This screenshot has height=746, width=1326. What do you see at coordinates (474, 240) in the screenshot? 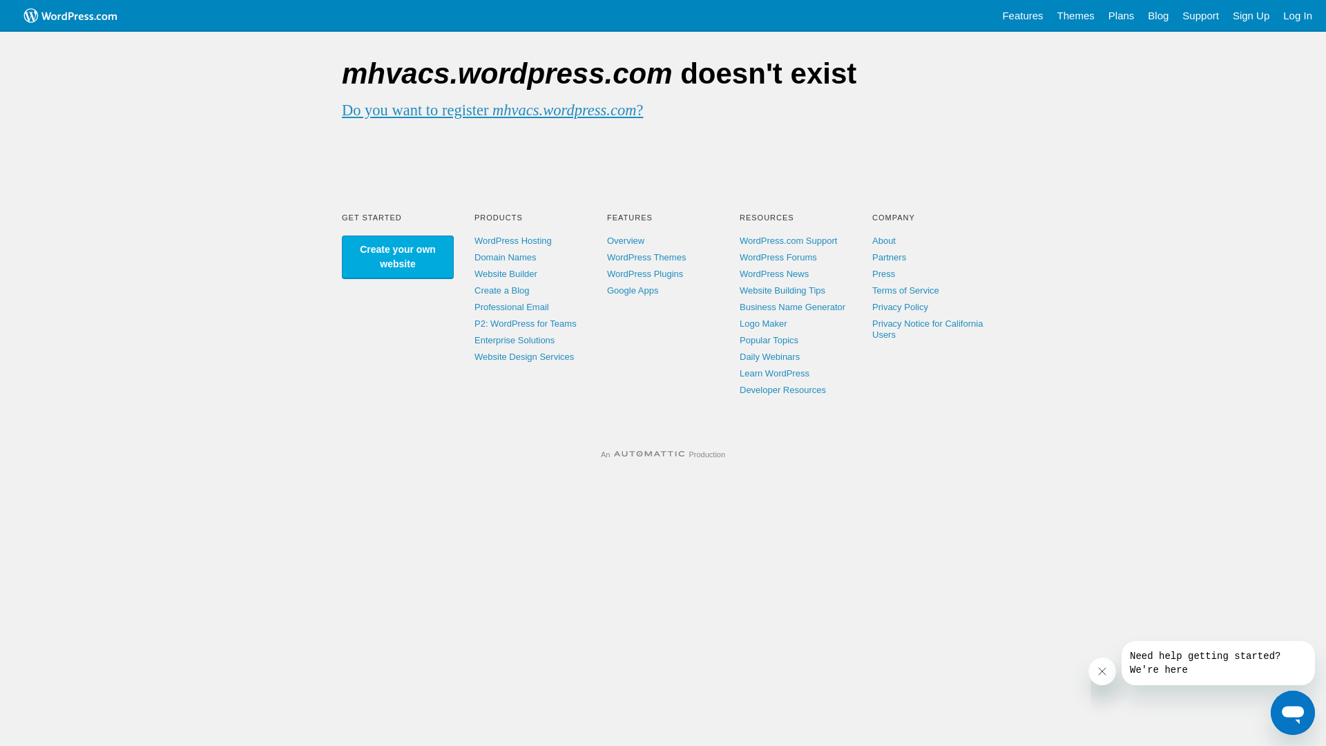
I see `'WordPress Hosting'` at bounding box center [474, 240].